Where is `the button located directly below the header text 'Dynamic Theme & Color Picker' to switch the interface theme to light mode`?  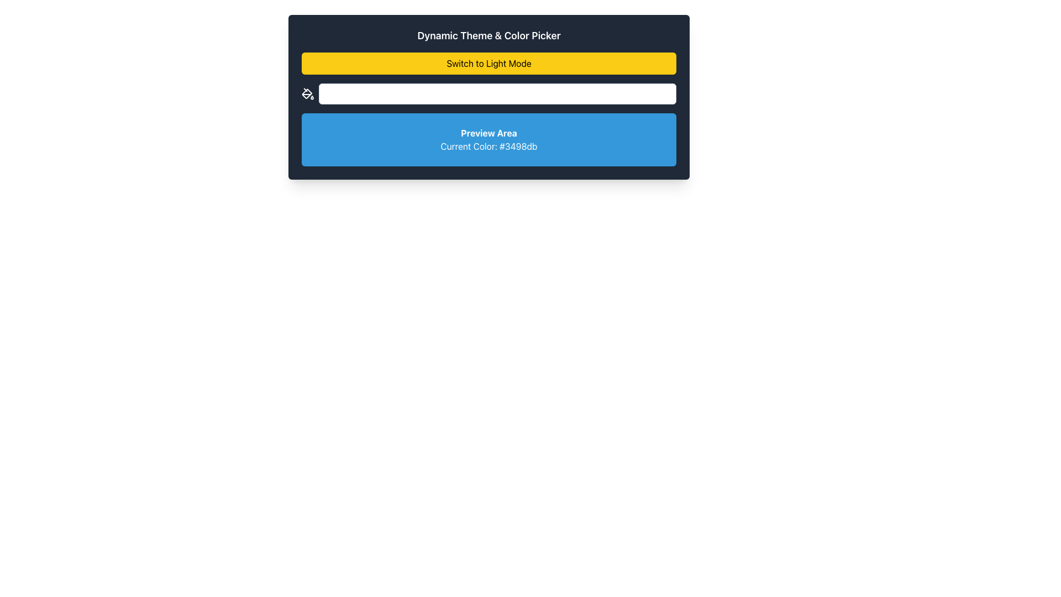 the button located directly below the header text 'Dynamic Theme & Color Picker' to switch the interface theme to light mode is located at coordinates (488, 64).